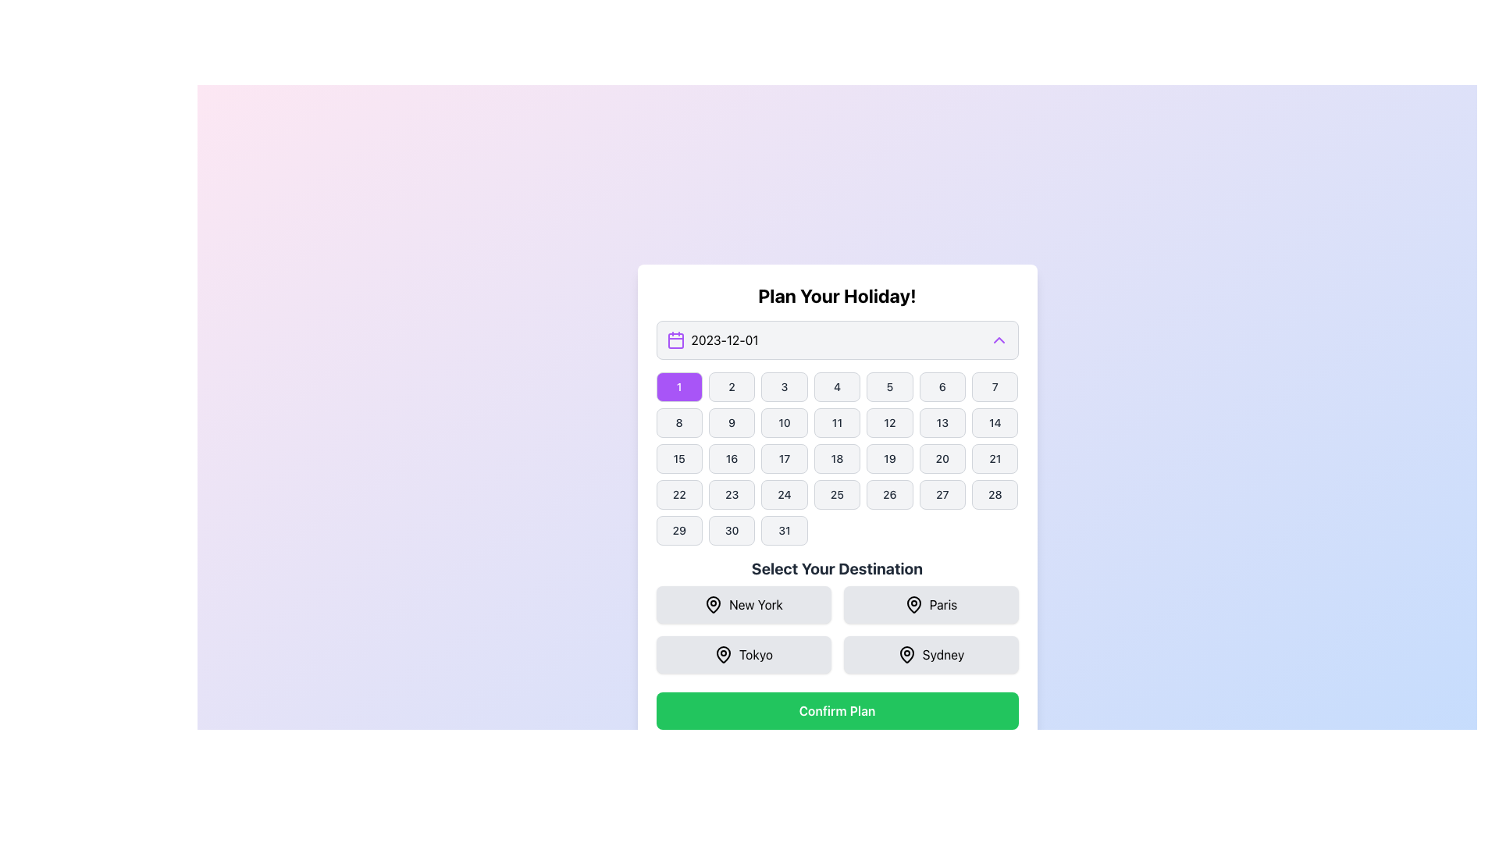 The height and width of the screenshot is (843, 1499). What do you see at coordinates (994, 386) in the screenshot?
I see `the button representing the numerical value '7' in the calendar interface to trigger a hover effect` at bounding box center [994, 386].